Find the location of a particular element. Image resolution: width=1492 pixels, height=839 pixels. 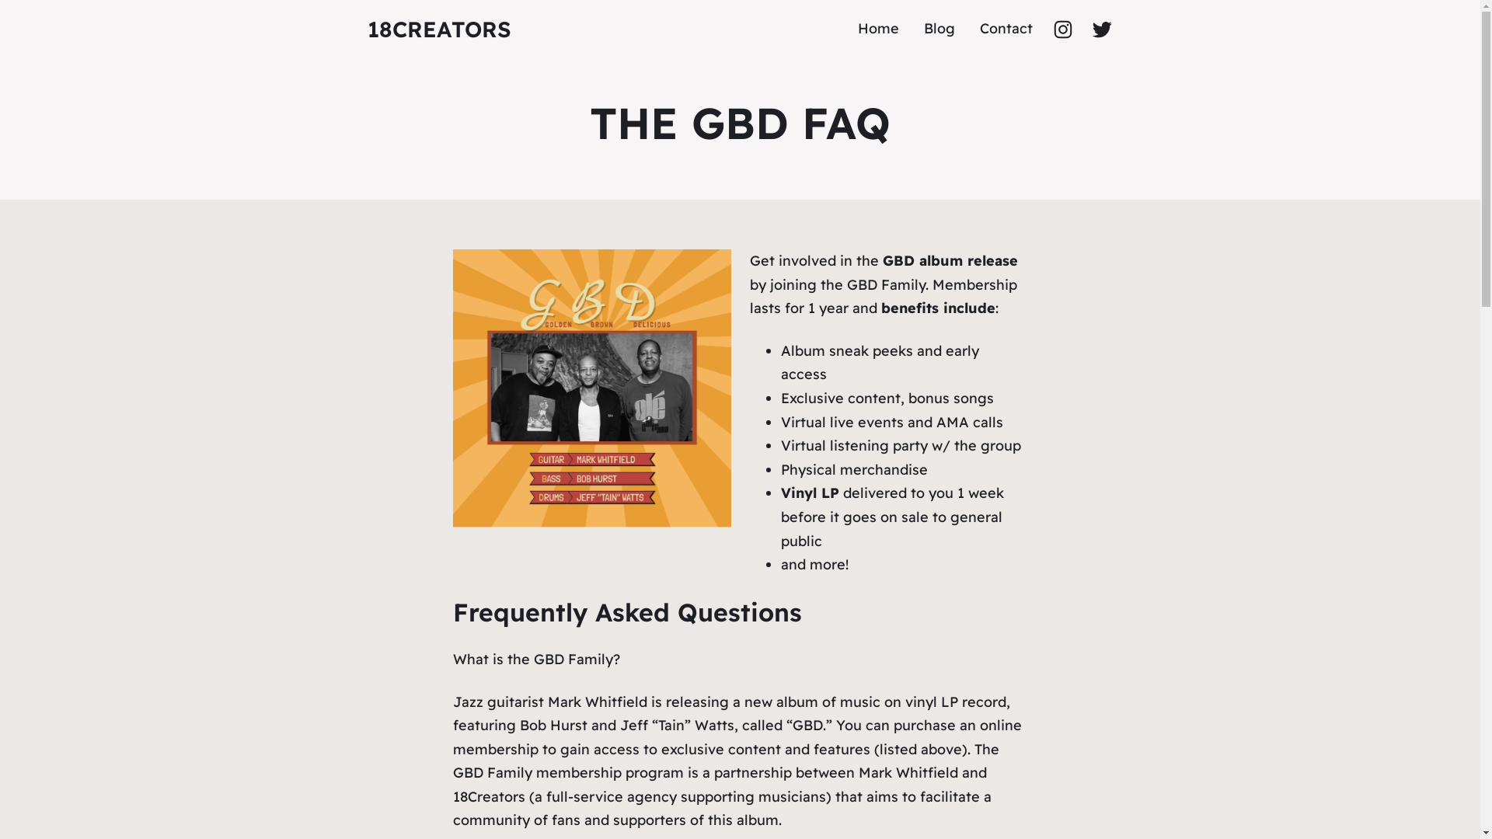

'18CREATORS' is located at coordinates (365, 29).